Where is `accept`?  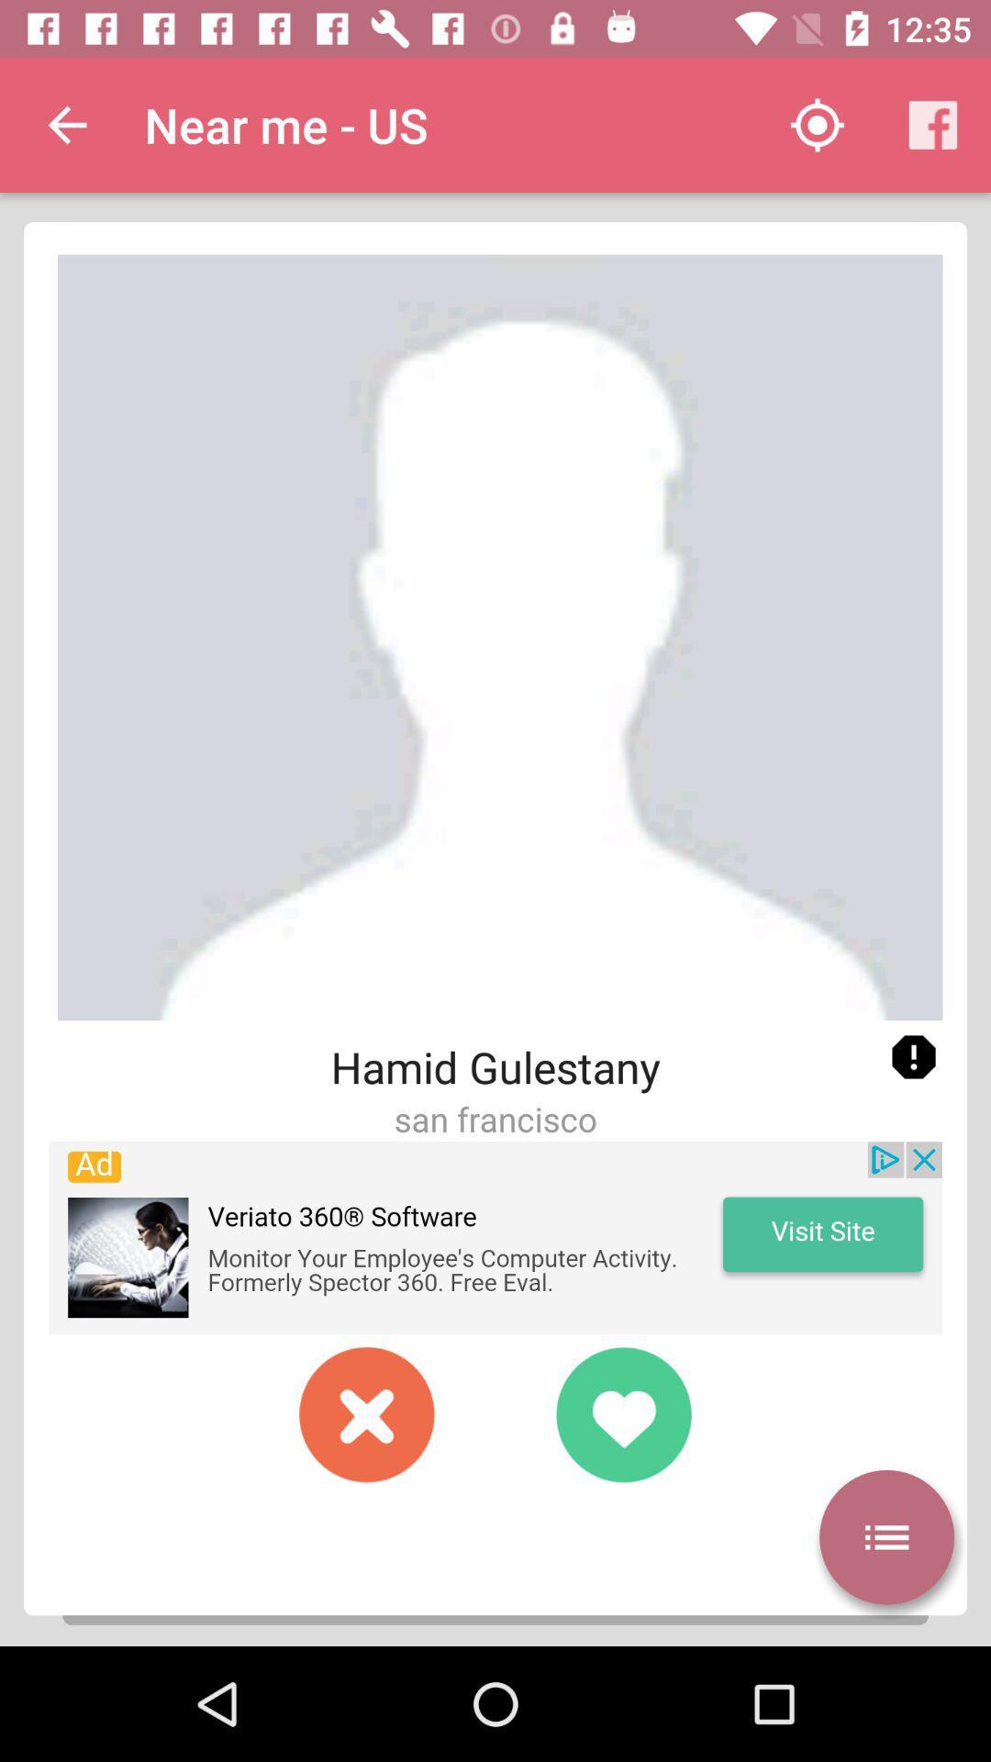
accept is located at coordinates (622, 1413).